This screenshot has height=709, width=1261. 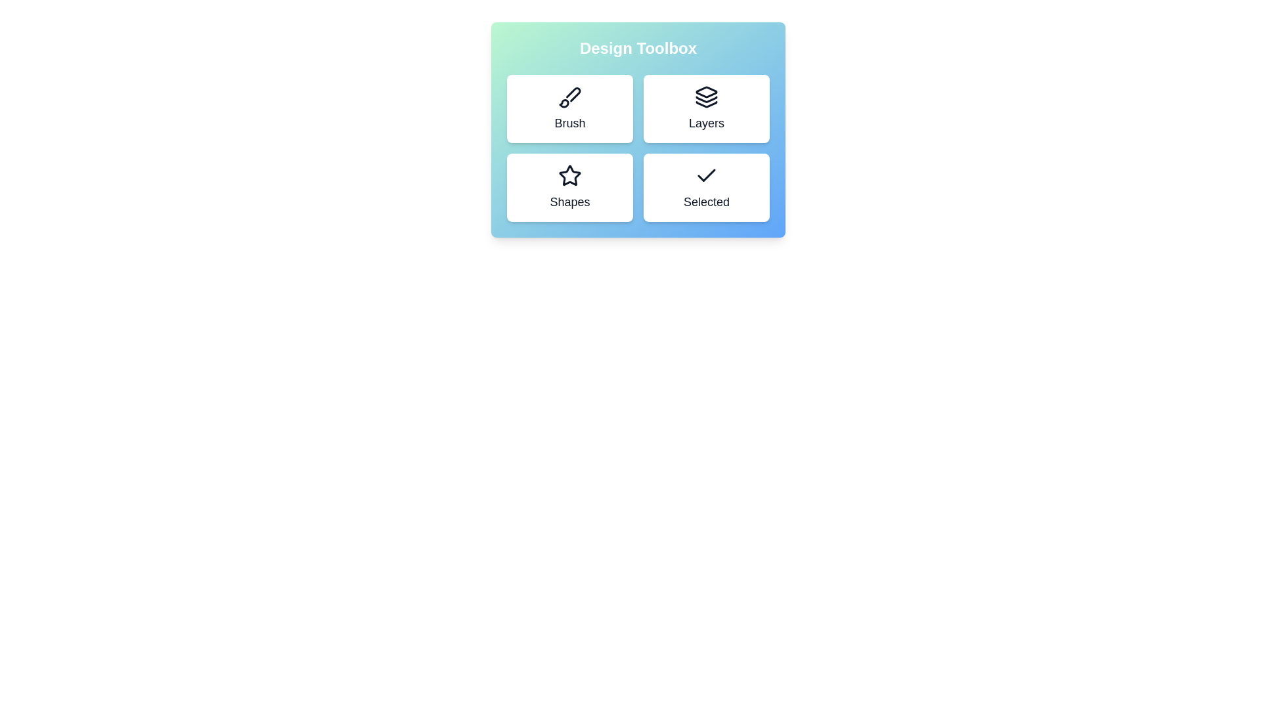 I want to click on the tool Brush to observe hover effects, so click(x=570, y=108).